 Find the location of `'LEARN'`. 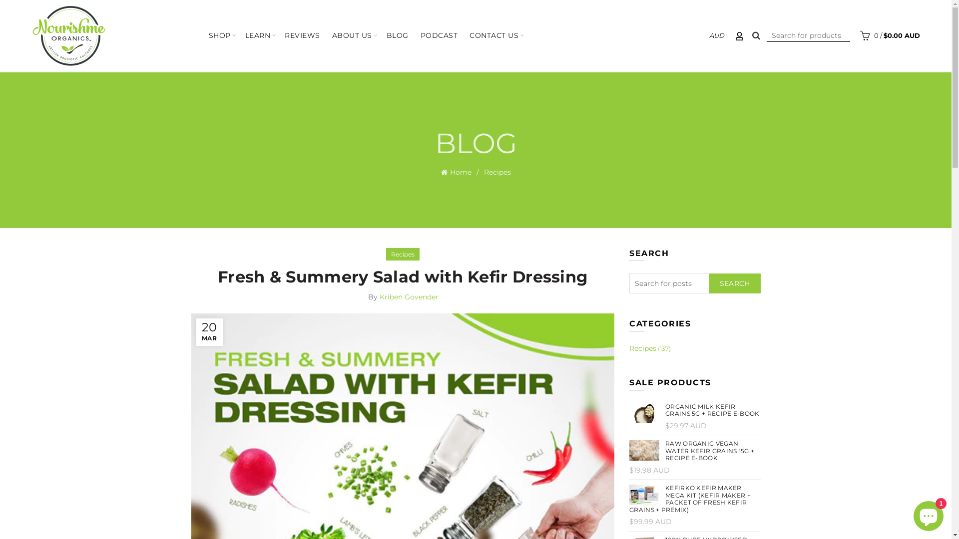

'LEARN' is located at coordinates (258, 35).